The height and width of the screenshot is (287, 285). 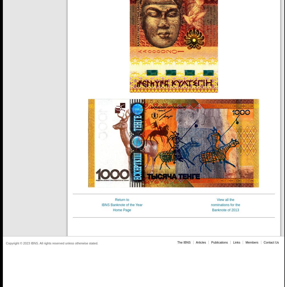 I want to click on 'Contact Us', so click(x=271, y=242).